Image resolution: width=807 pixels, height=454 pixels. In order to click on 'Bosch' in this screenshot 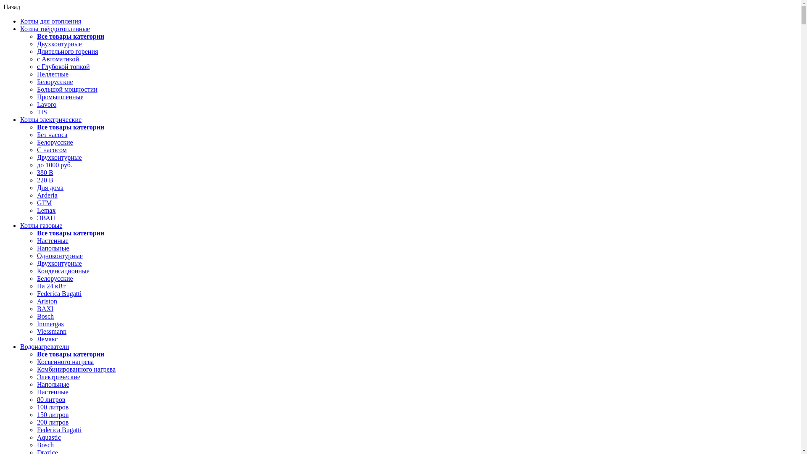, I will do `click(45, 444)`.